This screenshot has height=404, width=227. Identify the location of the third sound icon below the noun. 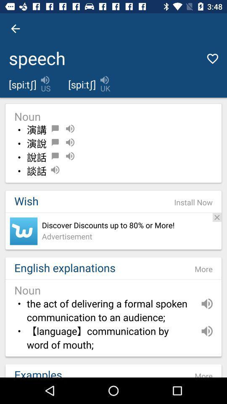
(70, 156).